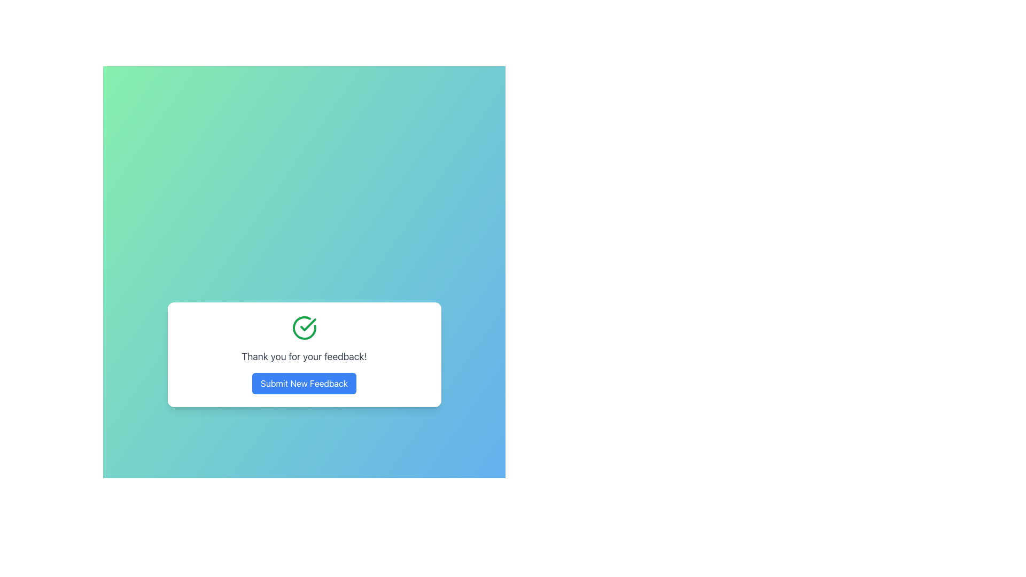 This screenshot has height=577, width=1026. What do you see at coordinates (307, 324) in the screenshot?
I see `the confirmation icon that signifies success status, located in the center-top of the card with a 'Thank you for your feedback!' message` at bounding box center [307, 324].